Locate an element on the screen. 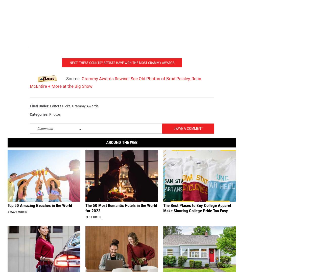 This screenshot has height=272, width=325. 'Source:' is located at coordinates (73, 86).